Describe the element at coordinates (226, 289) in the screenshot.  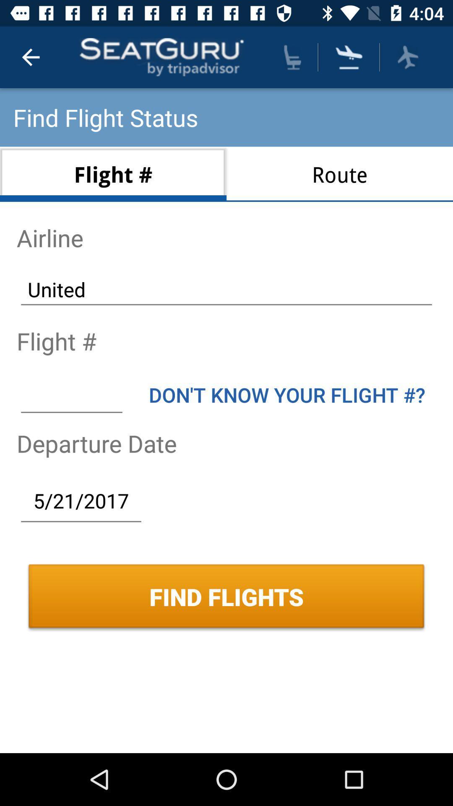
I see `the item above flight #` at that location.